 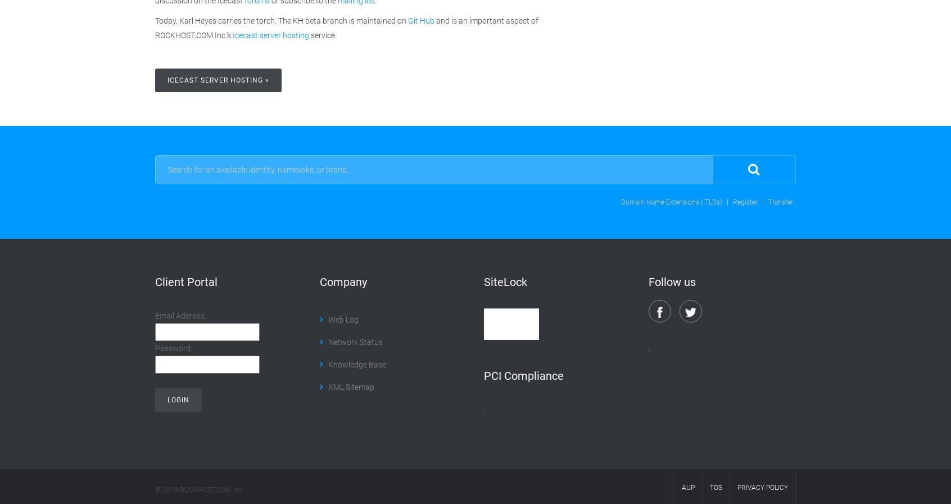 I want to click on 'SiteLock', so click(x=505, y=281).